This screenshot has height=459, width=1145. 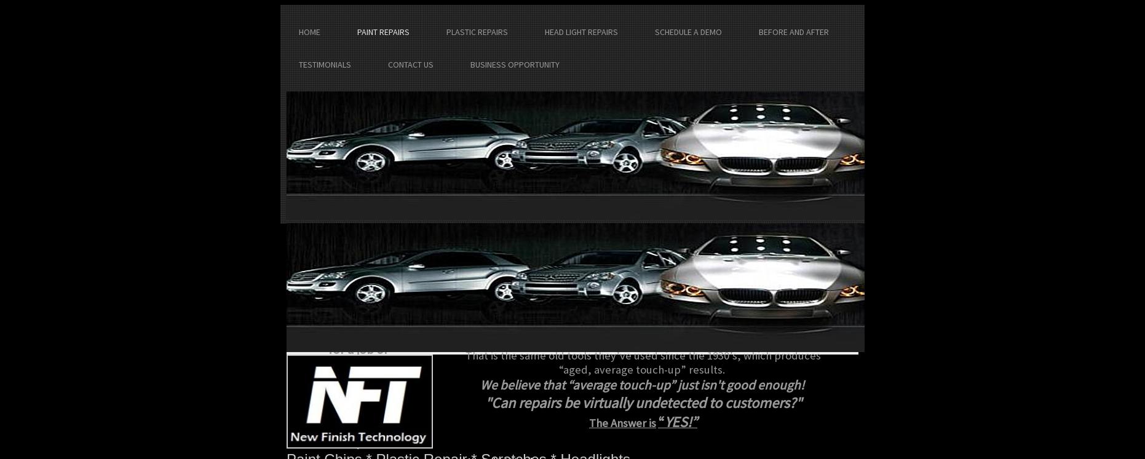 I want to click on 'Schedule a Demo', so click(x=687, y=31).